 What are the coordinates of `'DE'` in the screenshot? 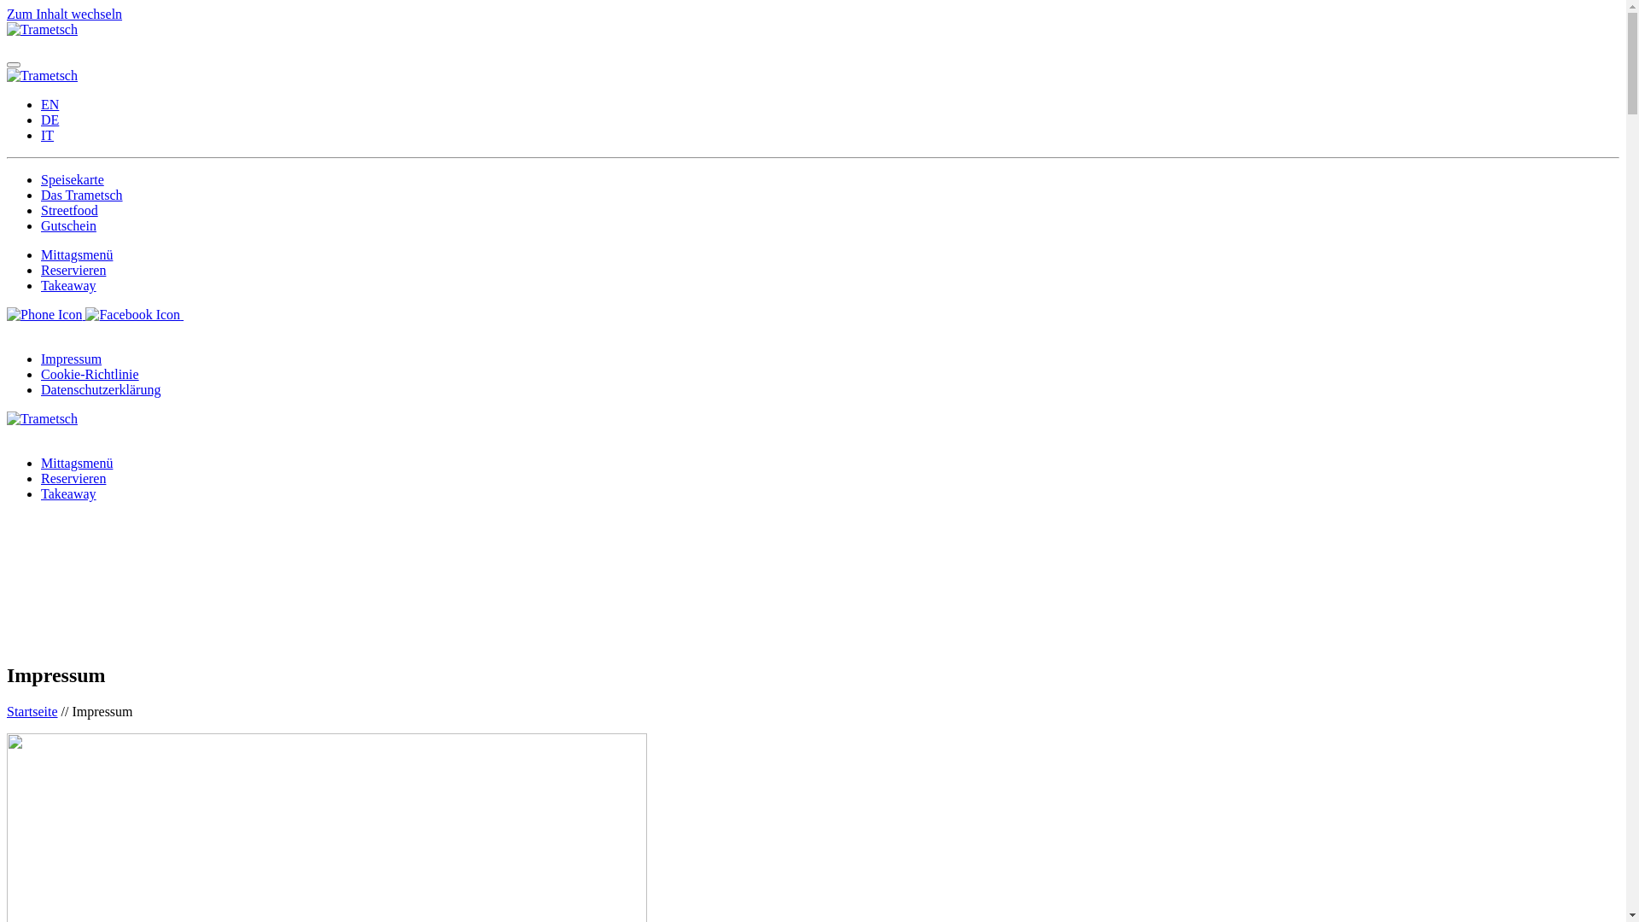 It's located at (50, 119).